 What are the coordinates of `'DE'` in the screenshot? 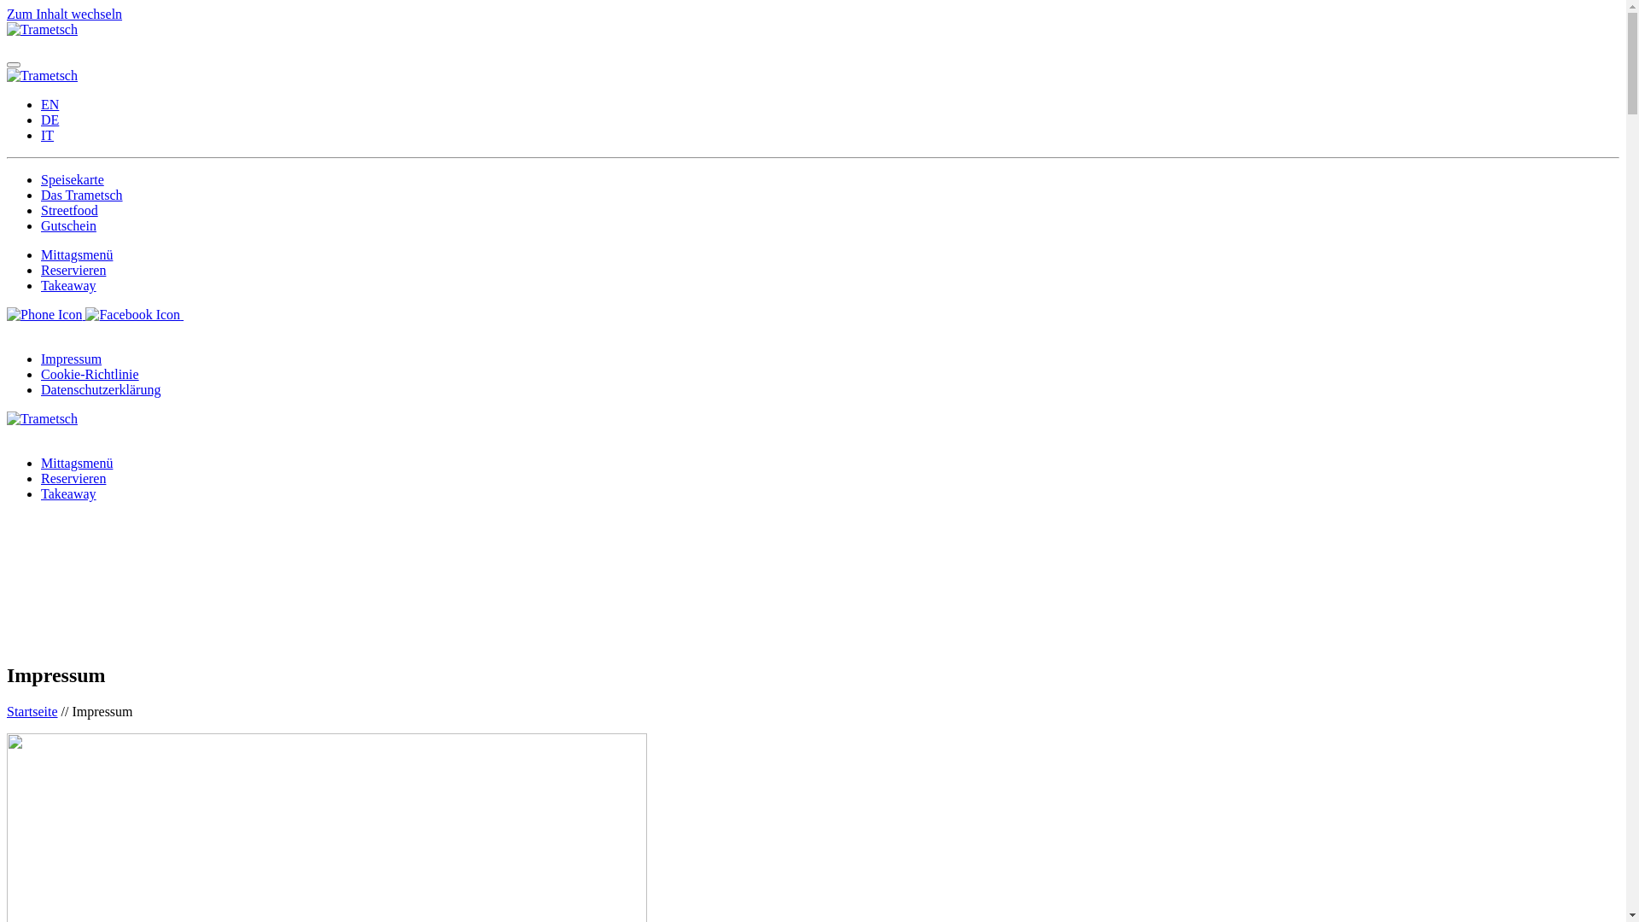 It's located at (50, 119).